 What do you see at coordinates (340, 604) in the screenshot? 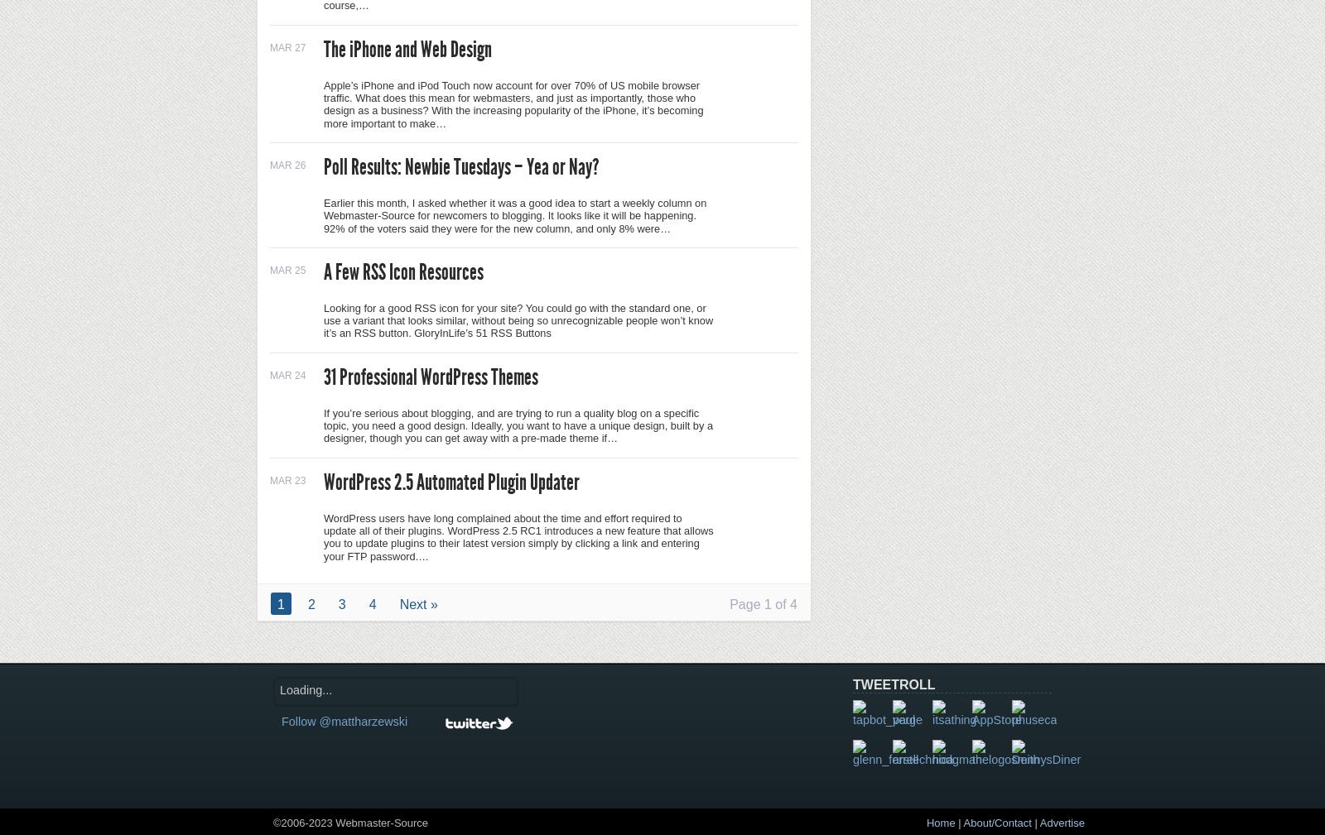
I see `'3'` at bounding box center [340, 604].